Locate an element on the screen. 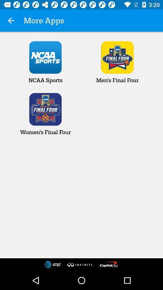  ncaa sports item is located at coordinates (45, 62).